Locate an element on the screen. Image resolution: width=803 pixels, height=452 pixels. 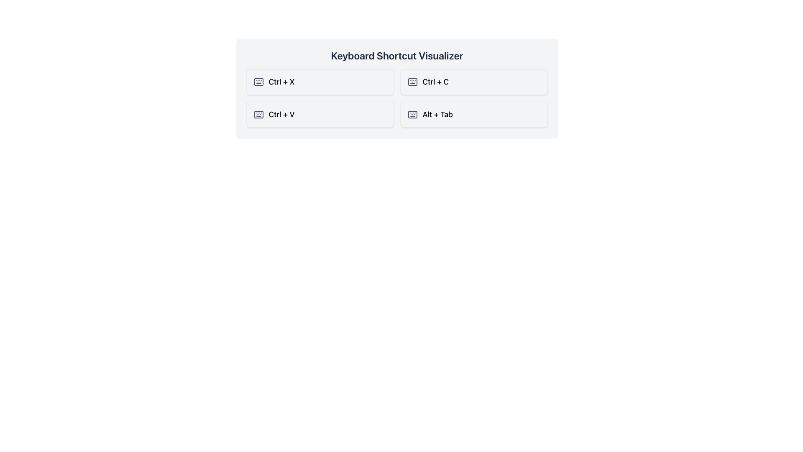
the keyboard icon represented by an SVG graphical element, which enhances the presentation of the associated button or option is located at coordinates (412, 82).